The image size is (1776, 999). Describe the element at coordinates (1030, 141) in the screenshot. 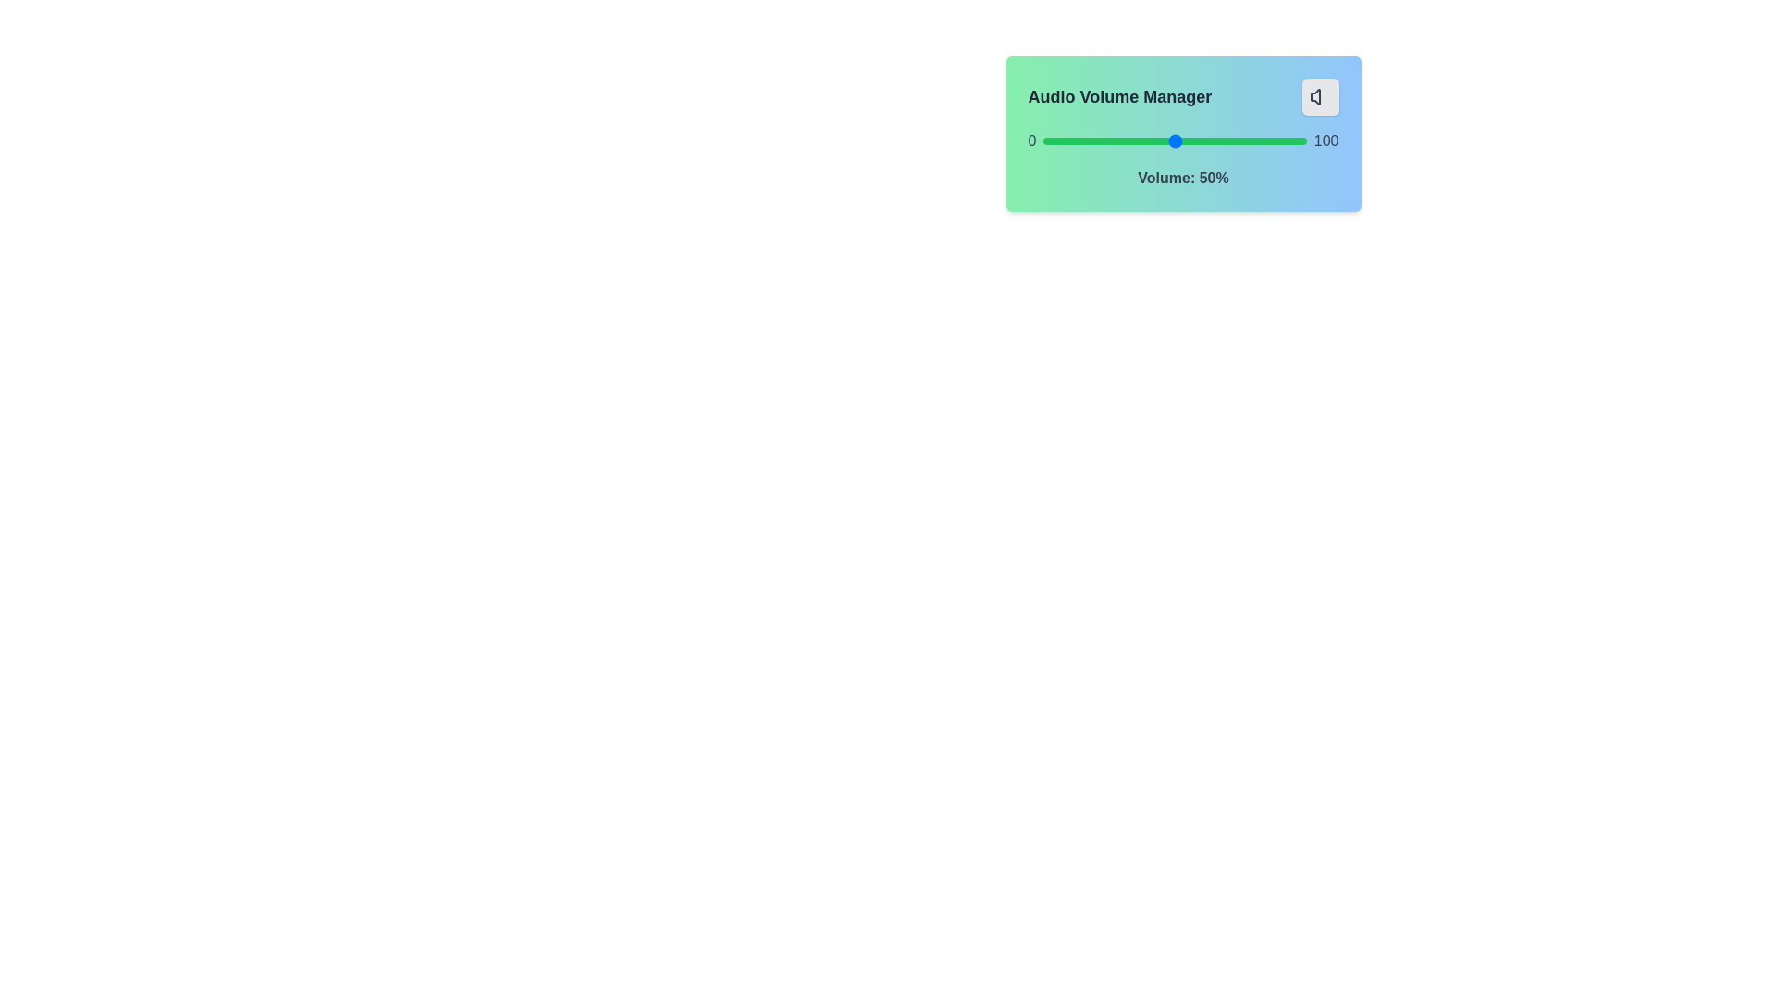

I see `the text label displaying the numeral '0', which is styled in gray and positioned at the far left of the Audio Volume Manager box` at that location.